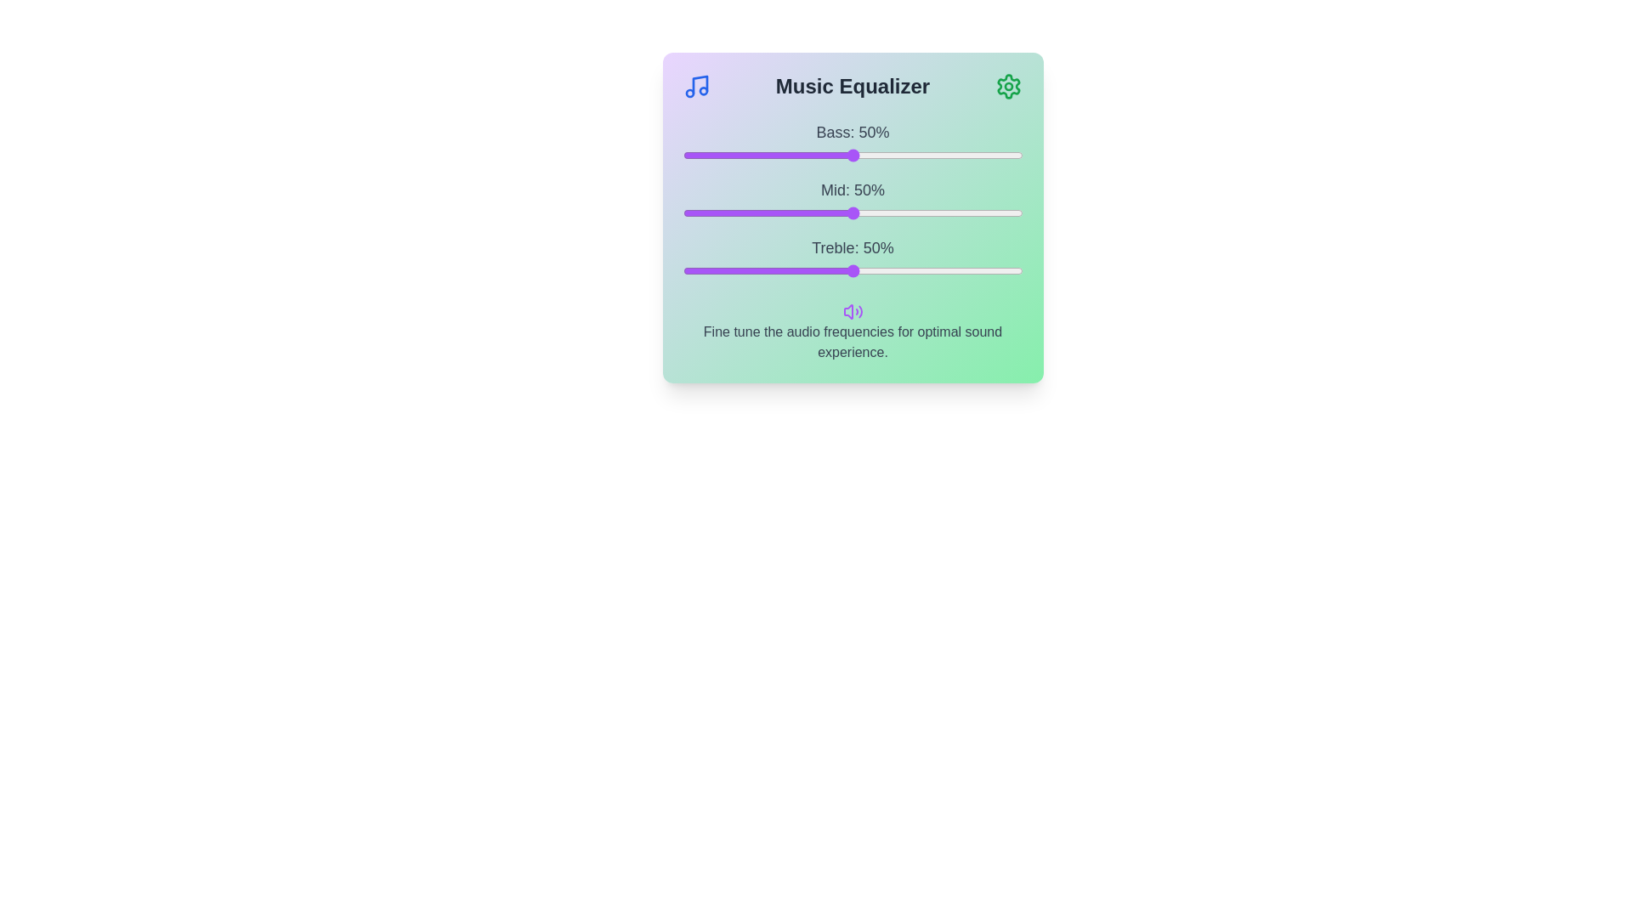 This screenshot has width=1632, height=918. Describe the element at coordinates (777, 155) in the screenshot. I see `the bass slider to 28%` at that location.